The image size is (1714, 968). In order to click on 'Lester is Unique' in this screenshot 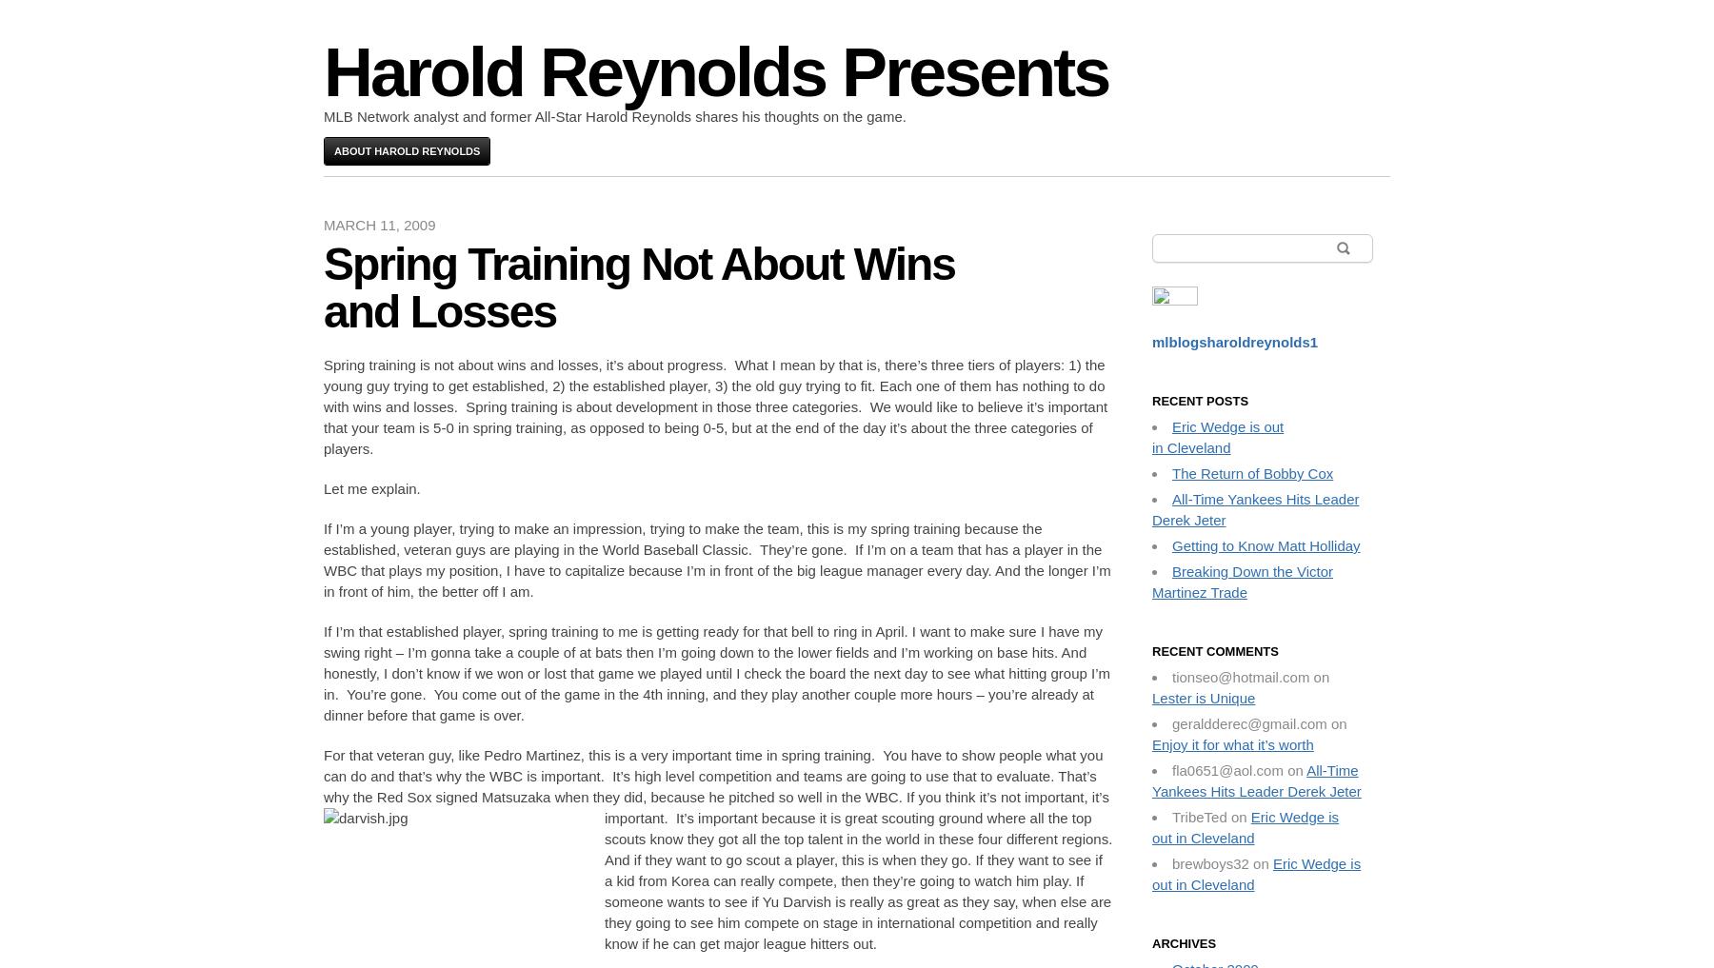, I will do `click(1203, 697)`.